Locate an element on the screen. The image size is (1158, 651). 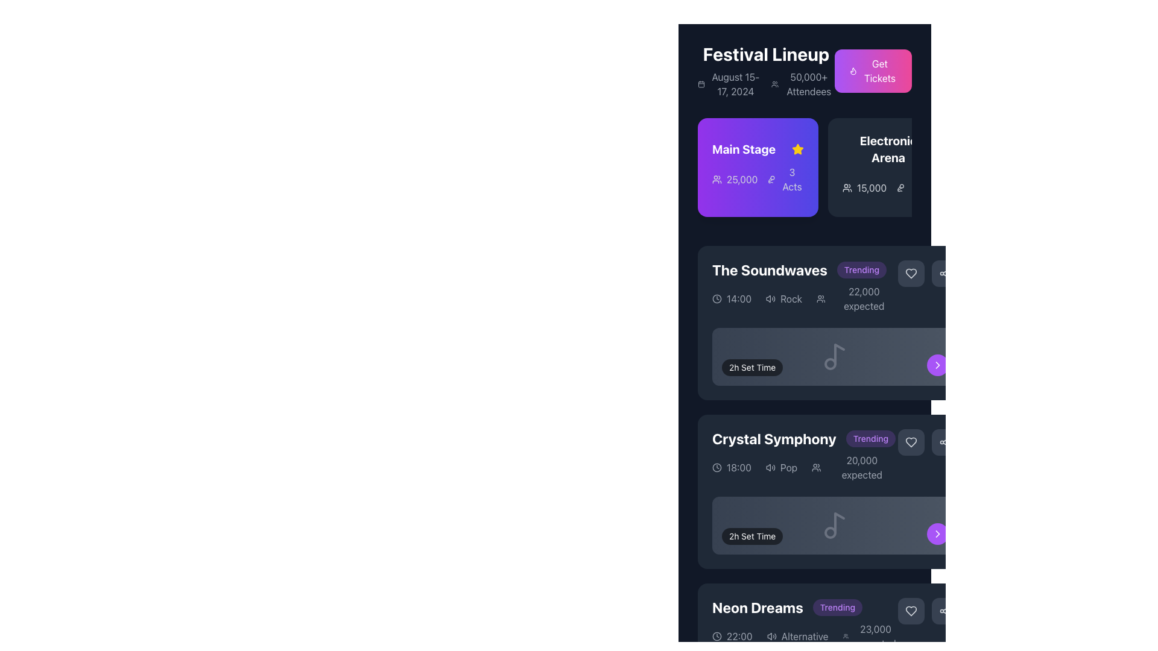
the text label indicating the genre or type of content in the 'The Soundwaves' section, located in the middle-right section of the interface is located at coordinates (791, 298).